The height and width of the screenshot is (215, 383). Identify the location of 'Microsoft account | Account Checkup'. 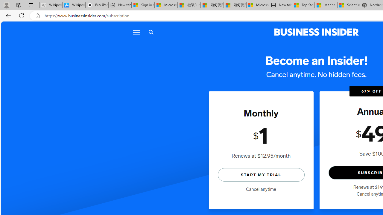
(258, 5).